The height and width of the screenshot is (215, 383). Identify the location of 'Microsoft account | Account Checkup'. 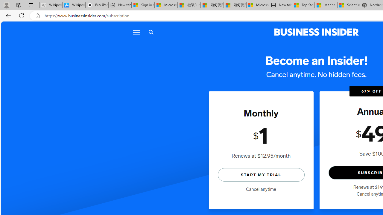
(258, 5).